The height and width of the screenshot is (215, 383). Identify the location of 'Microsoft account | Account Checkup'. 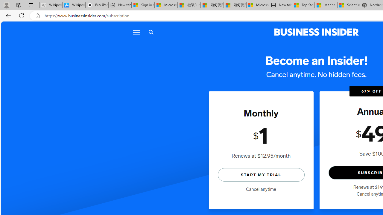
(258, 5).